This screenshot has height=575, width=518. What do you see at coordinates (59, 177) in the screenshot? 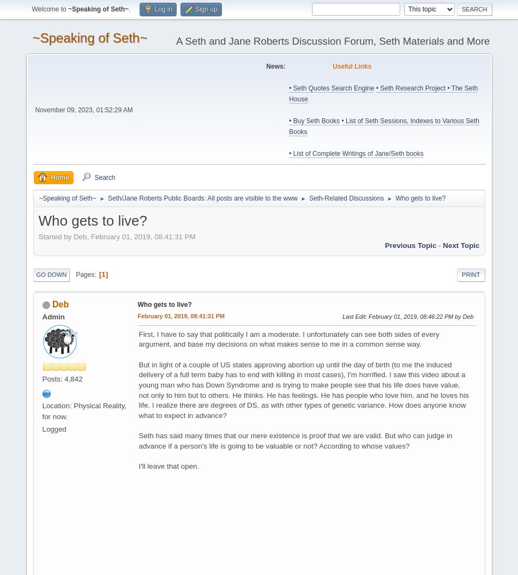
I see `'Home'` at bounding box center [59, 177].